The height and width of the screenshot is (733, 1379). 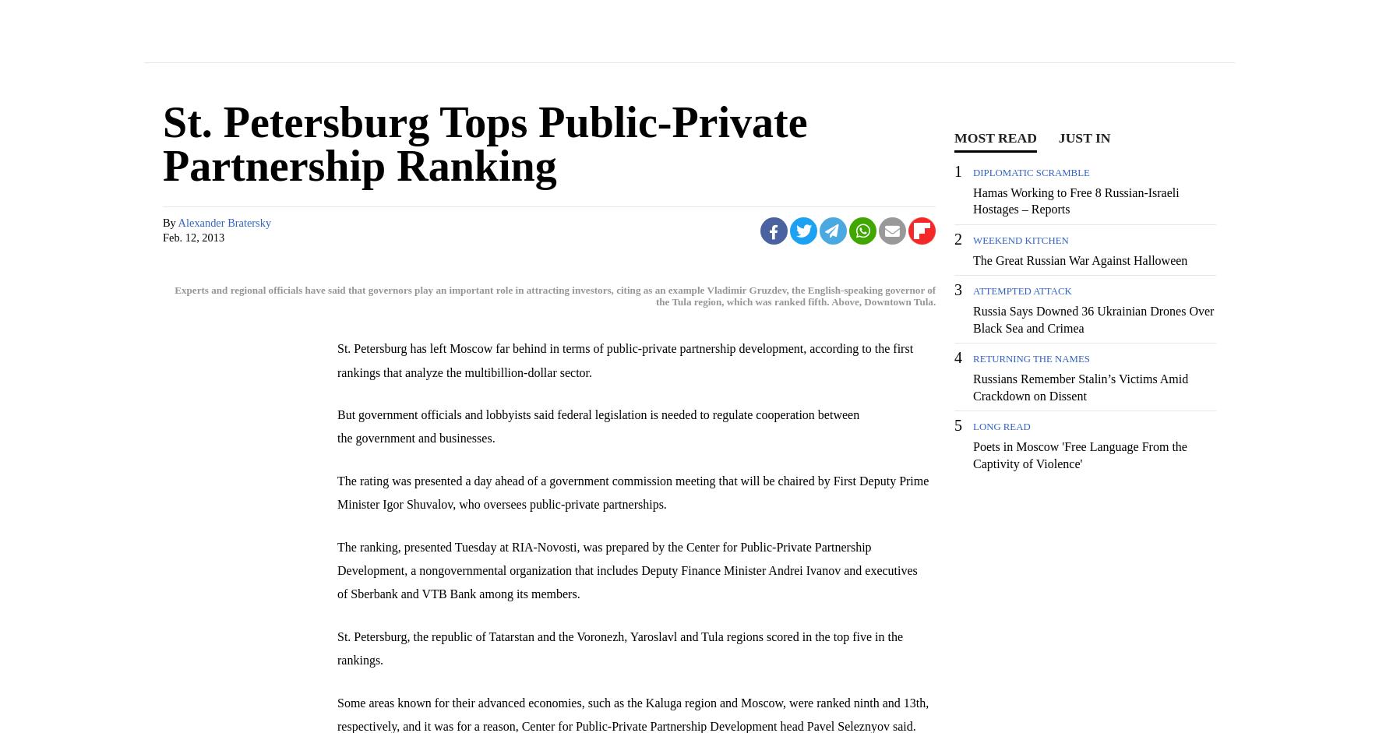 What do you see at coordinates (994, 138) in the screenshot?
I see `'Most read'` at bounding box center [994, 138].